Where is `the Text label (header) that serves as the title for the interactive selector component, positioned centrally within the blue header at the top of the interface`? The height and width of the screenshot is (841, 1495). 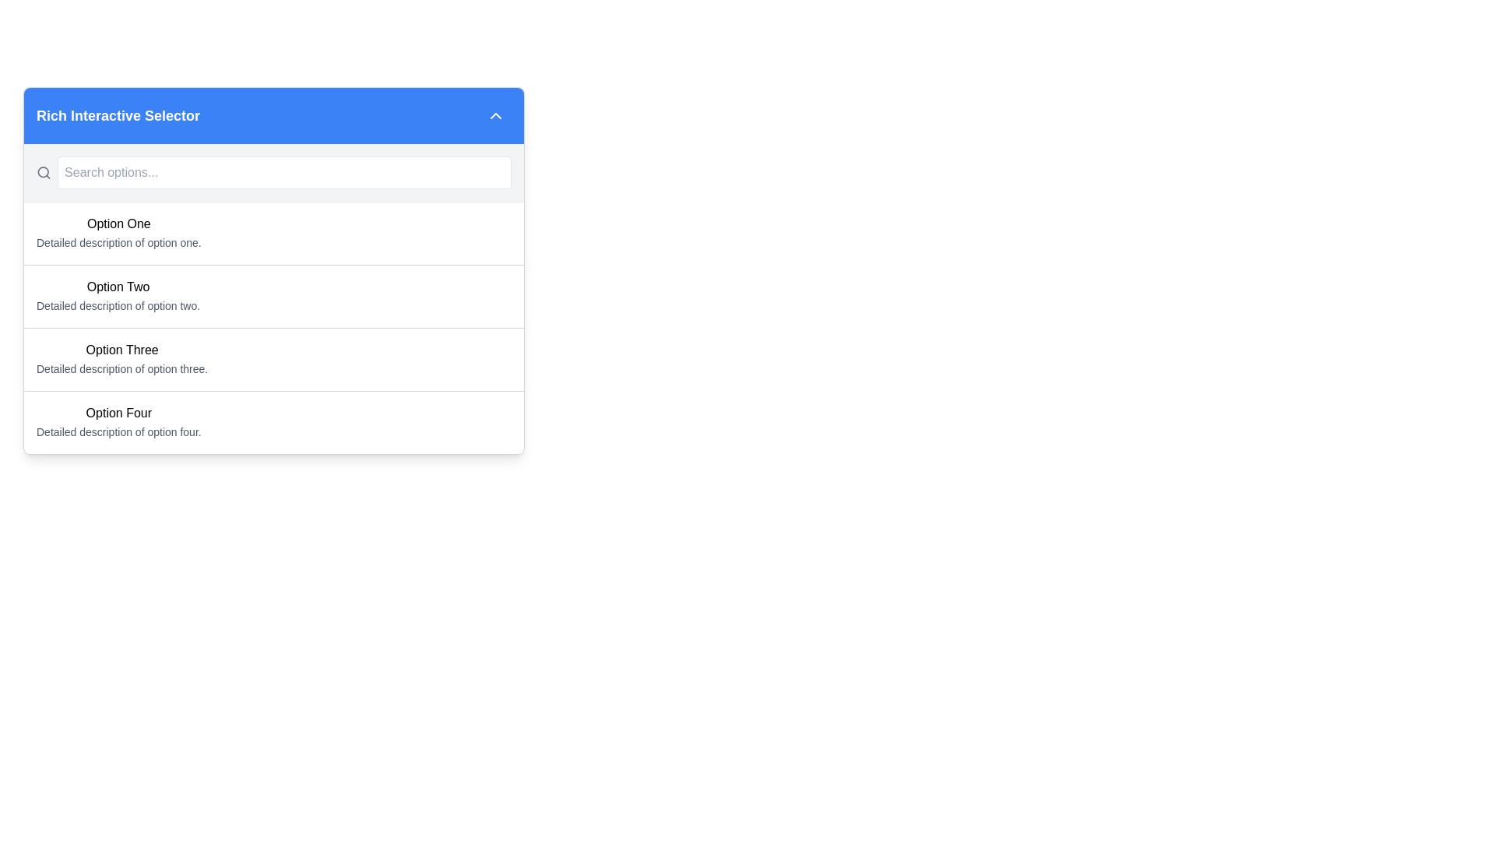 the Text label (header) that serves as the title for the interactive selector component, positioned centrally within the blue header at the top of the interface is located at coordinates (118, 115).